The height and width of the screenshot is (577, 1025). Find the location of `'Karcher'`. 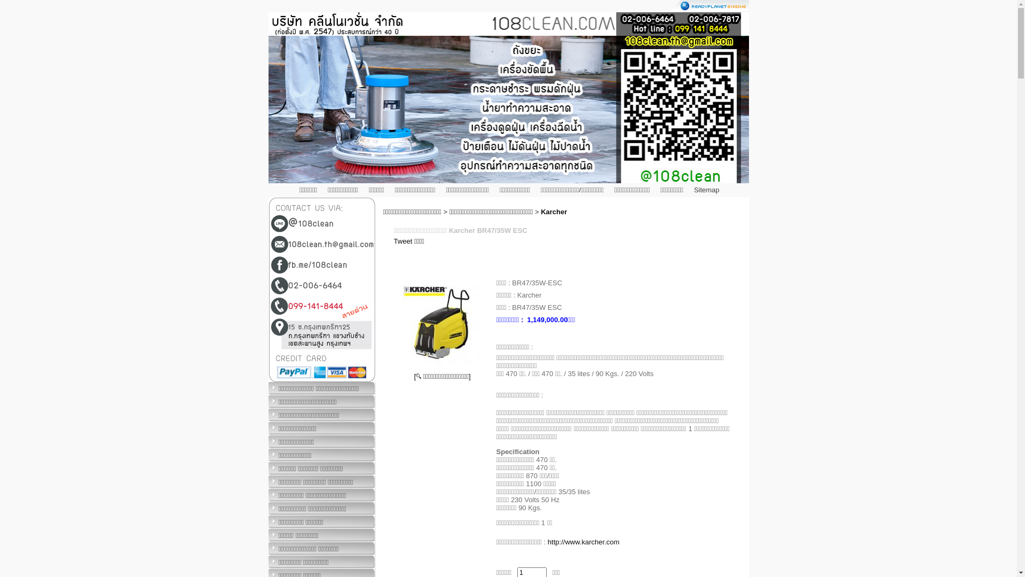

'Karcher' is located at coordinates (554, 212).